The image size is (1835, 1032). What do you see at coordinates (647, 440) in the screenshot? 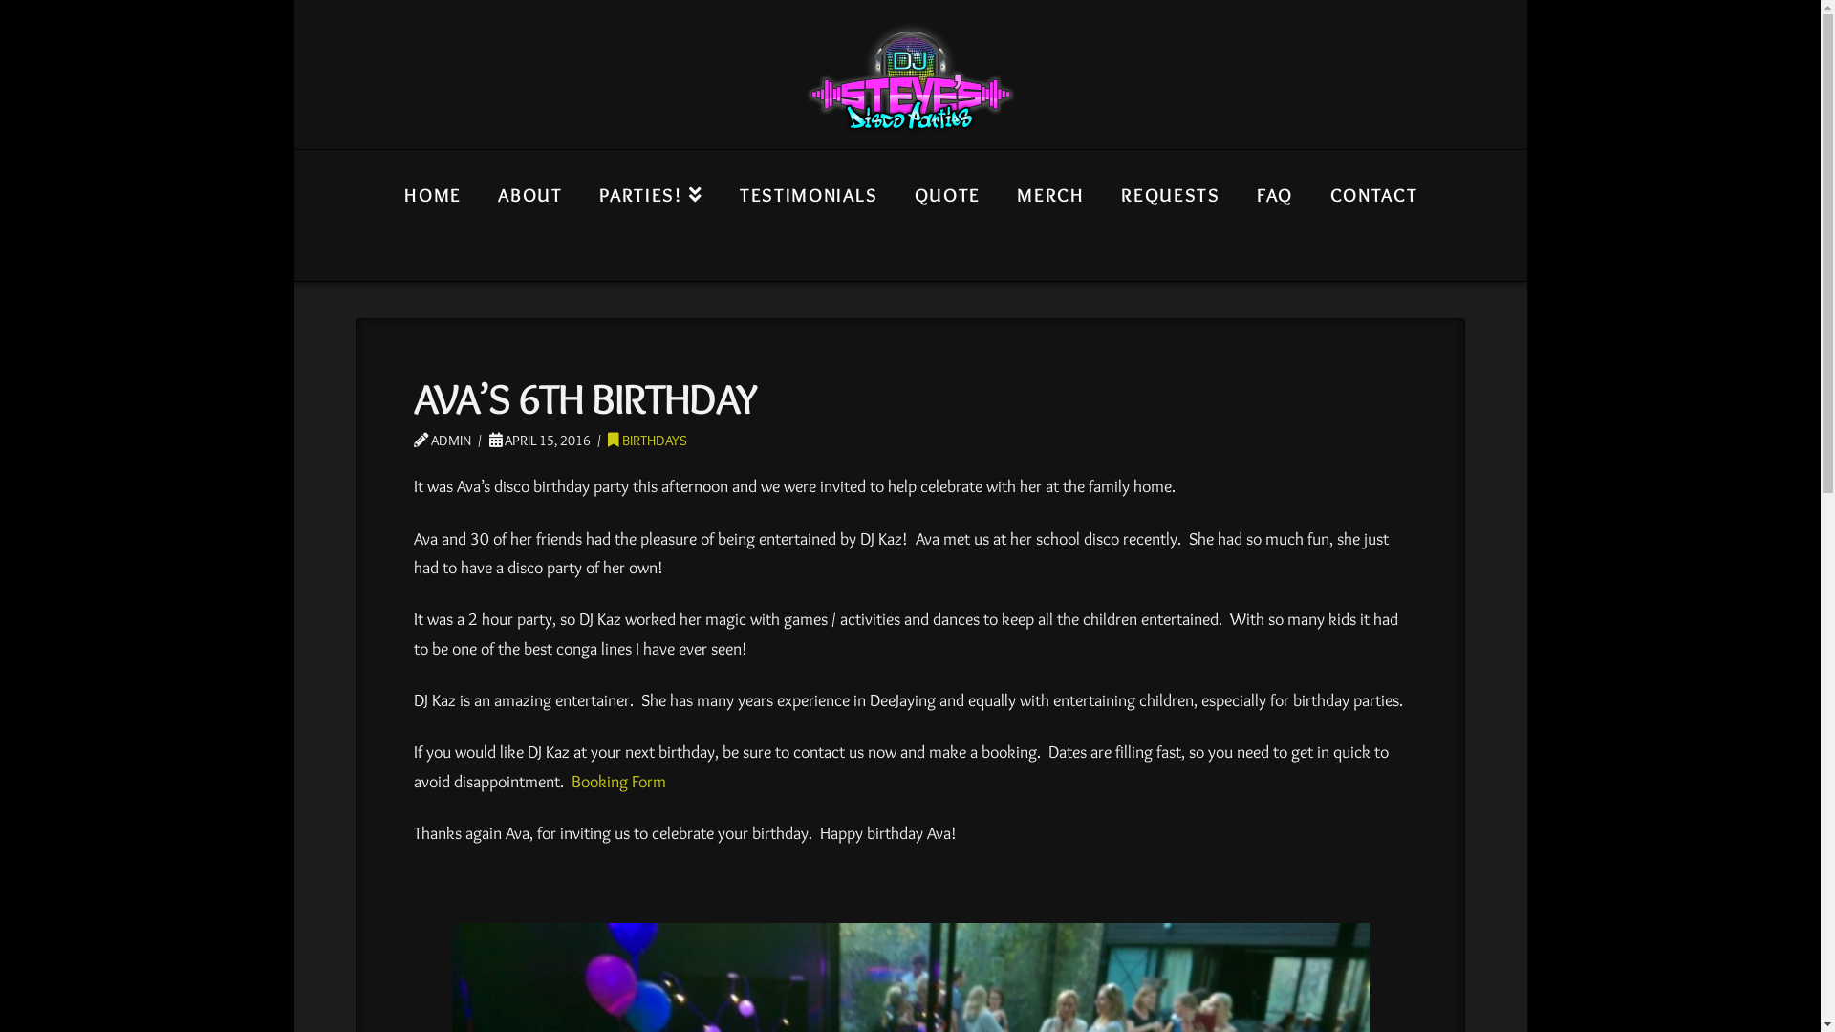
I see `'BIRTHDAYS'` at bounding box center [647, 440].